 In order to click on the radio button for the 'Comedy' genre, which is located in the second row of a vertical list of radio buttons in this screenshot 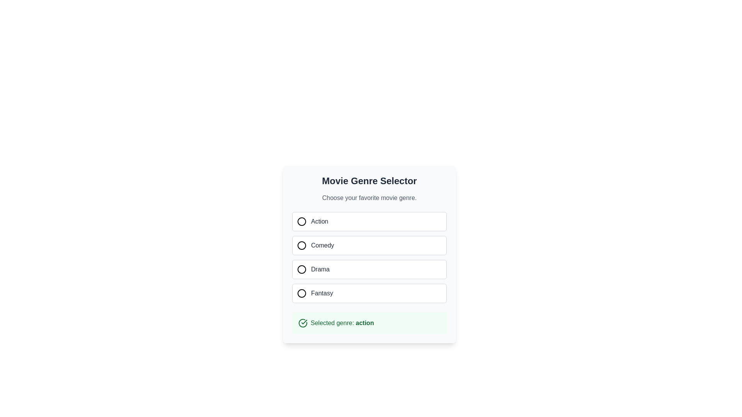, I will do `click(301, 246)`.